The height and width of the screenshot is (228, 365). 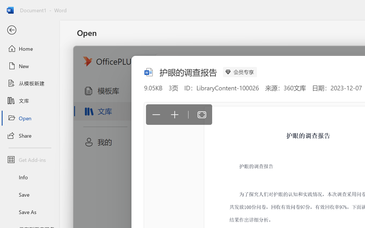 What do you see at coordinates (29, 177) in the screenshot?
I see `'Info'` at bounding box center [29, 177].